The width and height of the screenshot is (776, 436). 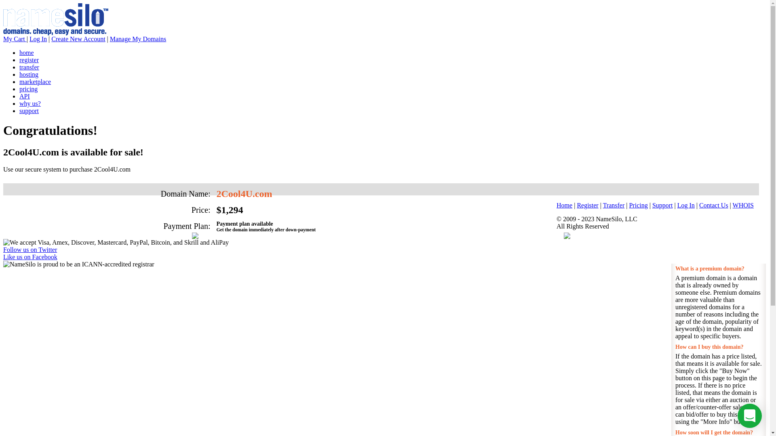 What do you see at coordinates (138, 39) in the screenshot?
I see `'Manage My Domains'` at bounding box center [138, 39].